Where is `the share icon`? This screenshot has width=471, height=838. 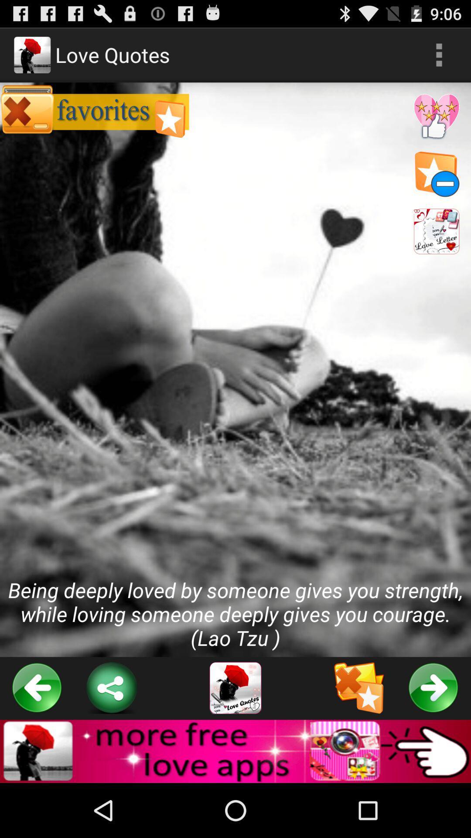 the share icon is located at coordinates (111, 736).